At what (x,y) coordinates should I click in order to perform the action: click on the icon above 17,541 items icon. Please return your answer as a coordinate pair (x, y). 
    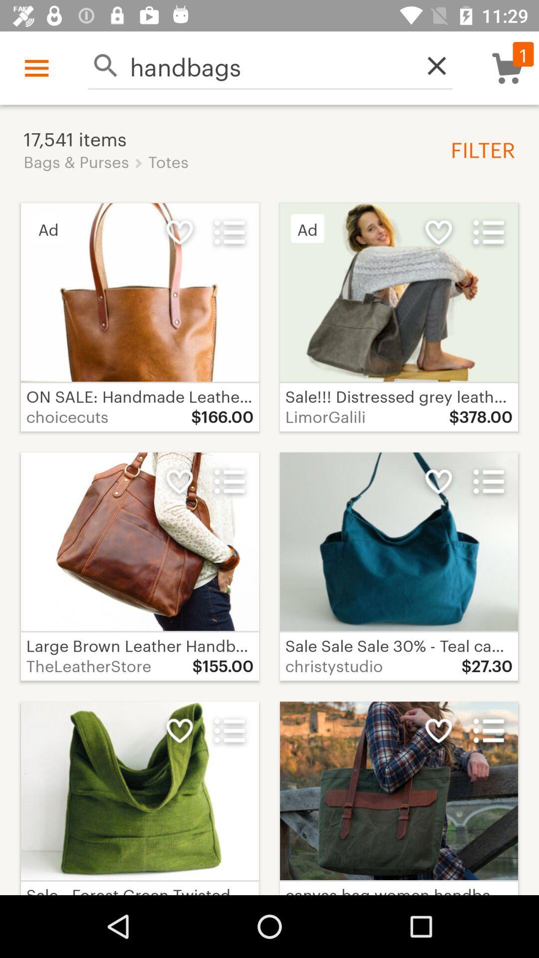
    Looking at the image, I should click on (36, 67).